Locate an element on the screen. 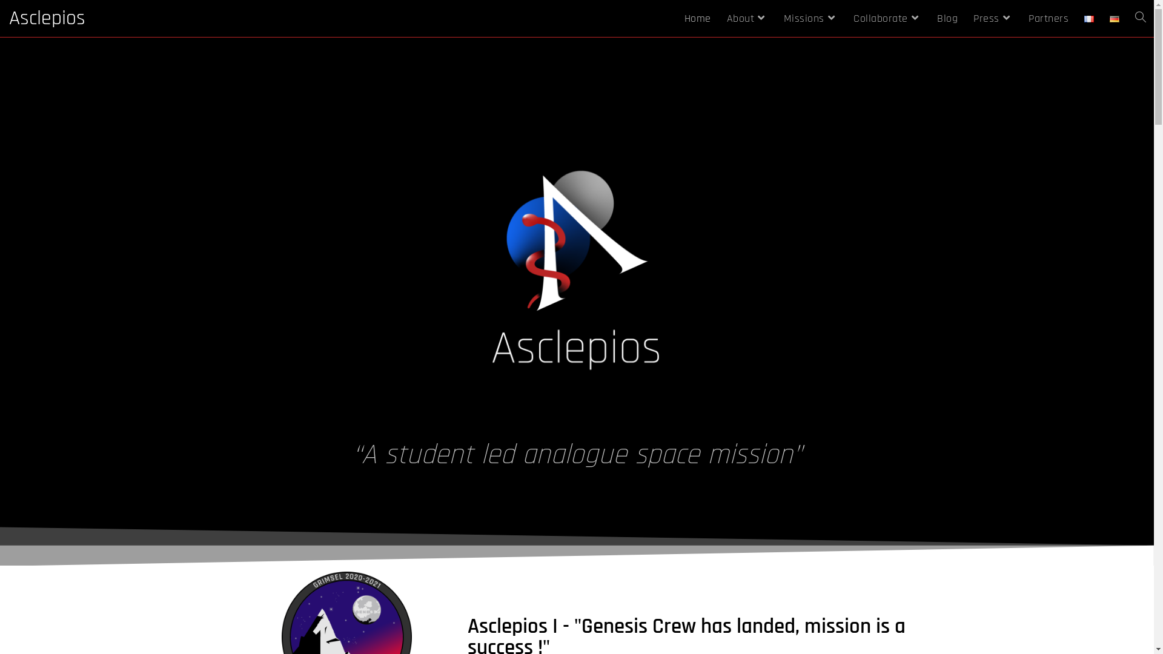  'About' is located at coordinates (718, 18).